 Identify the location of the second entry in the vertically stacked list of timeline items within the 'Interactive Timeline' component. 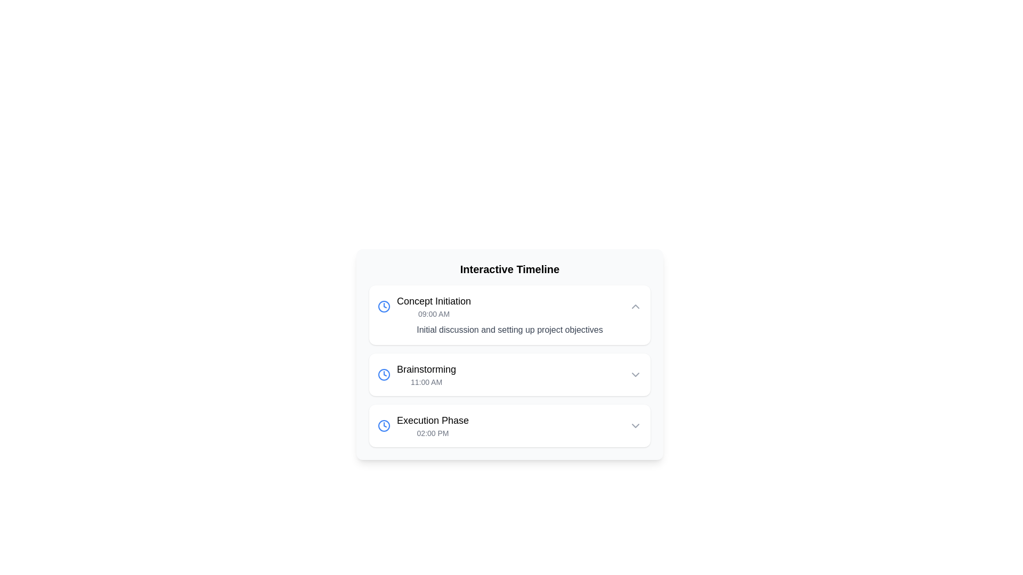
(509, 365).